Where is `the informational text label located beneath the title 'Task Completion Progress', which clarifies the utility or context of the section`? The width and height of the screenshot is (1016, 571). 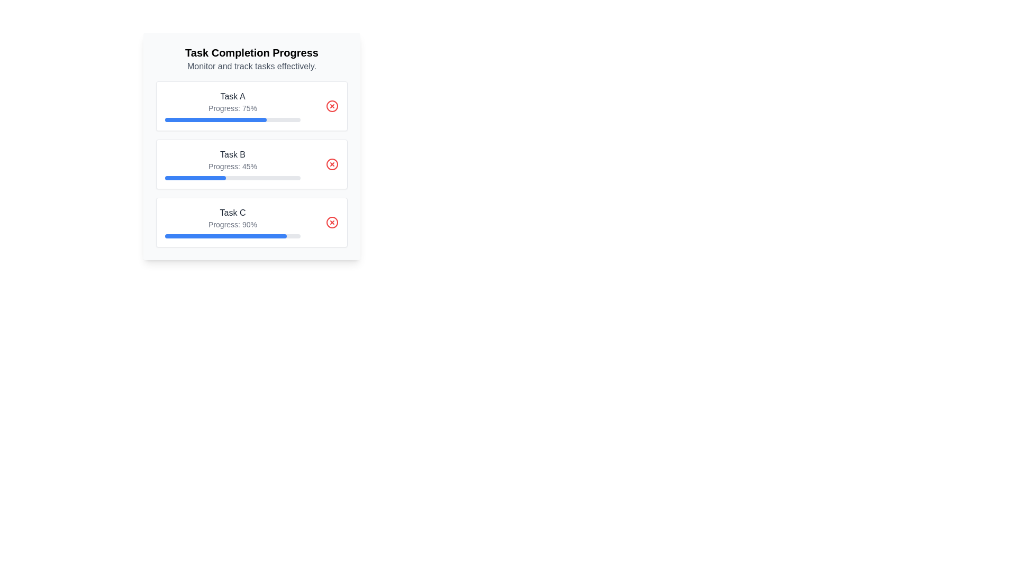
the informational text label located beneath the title 'Task Completion Progress', which clarifies the utility or context of the section is located at coordinates (251, 67).